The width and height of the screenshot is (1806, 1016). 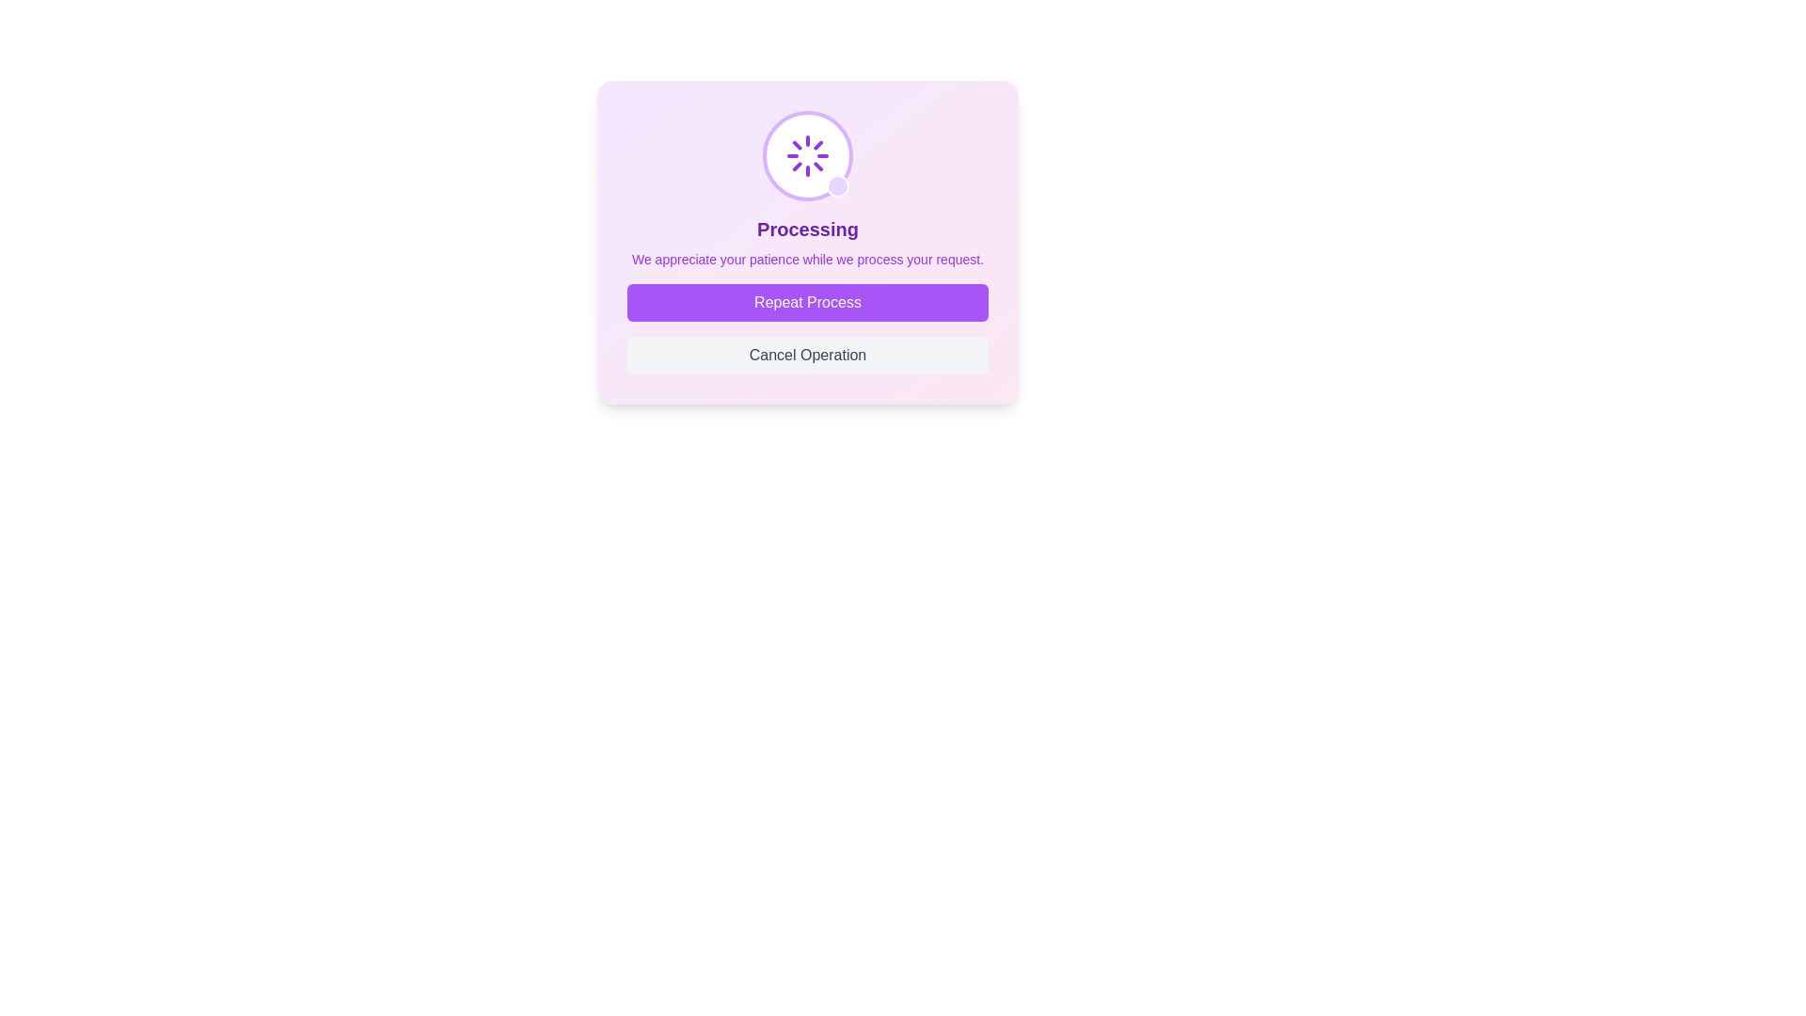 What do you see at coordinates (808, 154) in the screenshot?
I see `the animated loader icon, which is a spinning cogwheel styled in purple, located near the top of the card layout above the text 'Processing'` at bounding box center [808, 154].